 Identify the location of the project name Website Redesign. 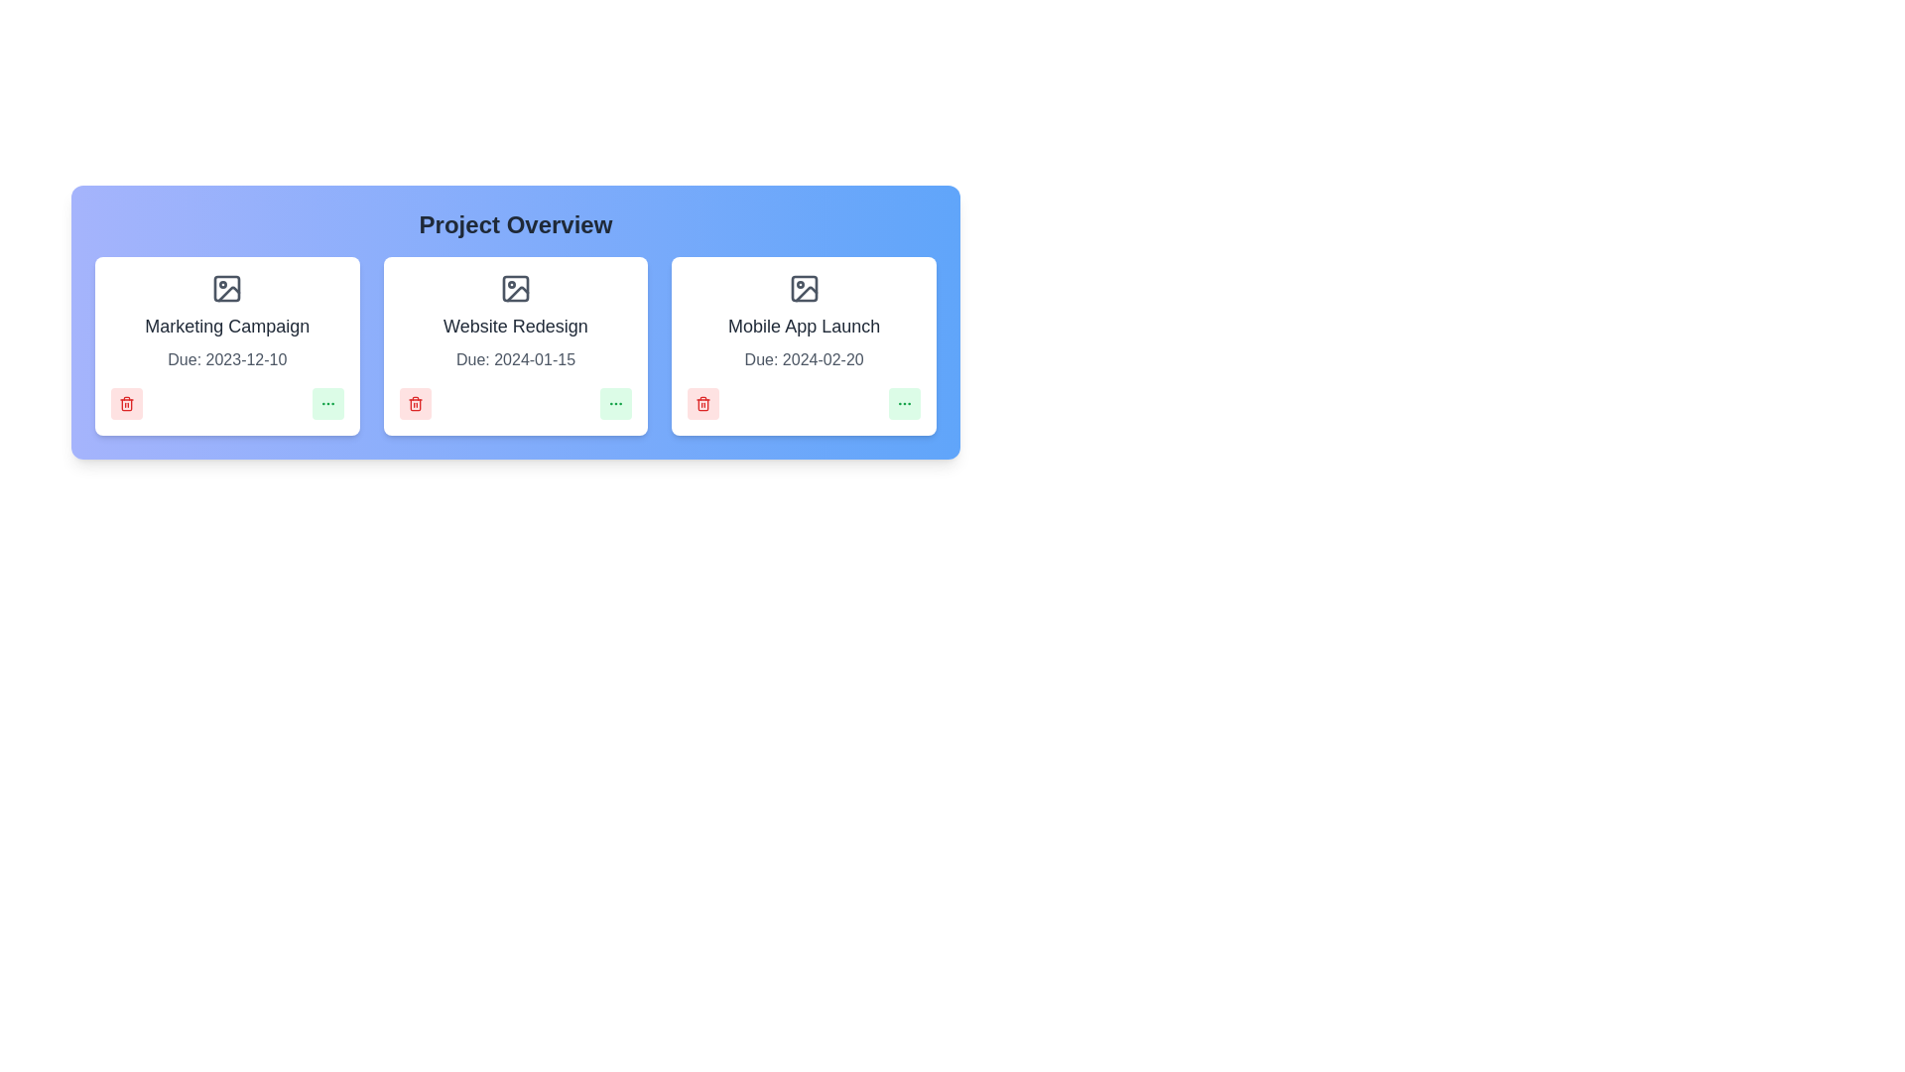
(515, 325).